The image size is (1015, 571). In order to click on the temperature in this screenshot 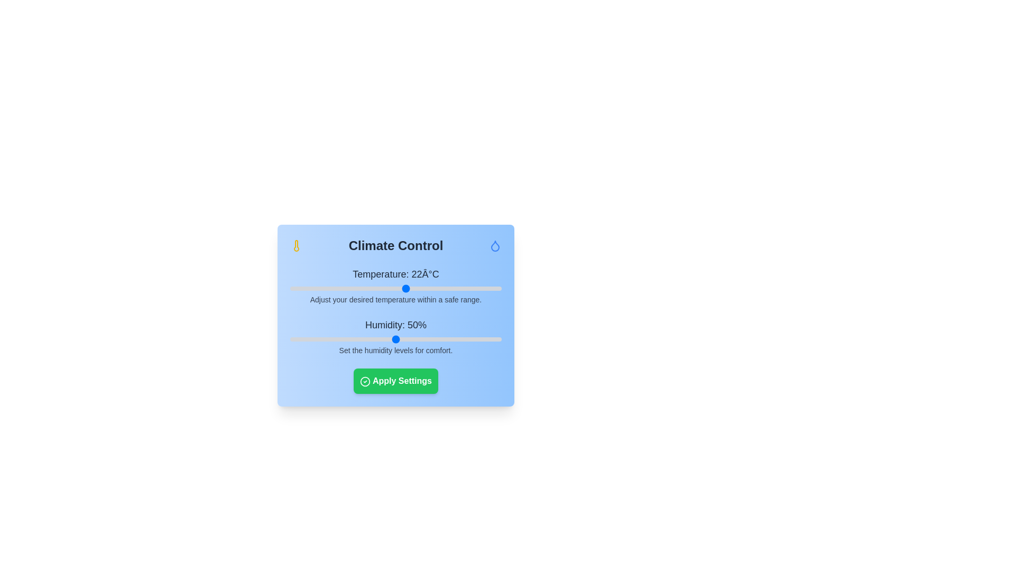, I will do `click(433, 289)`.